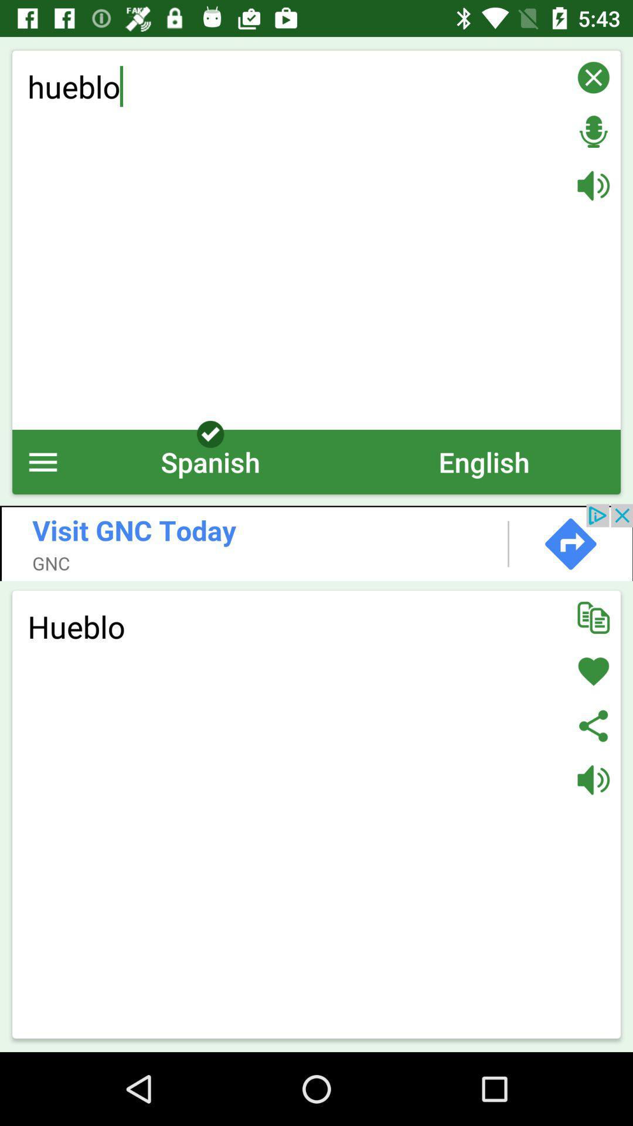  I want to click on activate speech to text, so click(593, 131).